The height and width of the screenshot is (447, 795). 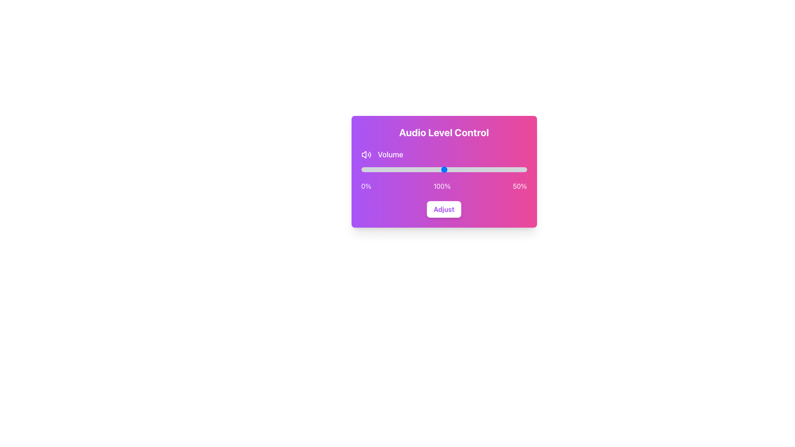 I want to click on the speaker icon with radiating sound waves, which is positioned to the left of the 'Volume' label in the 'Audio Level Control' card, so click(x=366, y=155).